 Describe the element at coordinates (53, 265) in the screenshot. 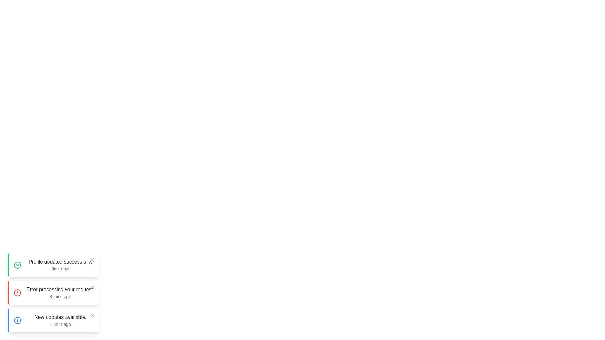

I see `the notification to examine its content` at that location.